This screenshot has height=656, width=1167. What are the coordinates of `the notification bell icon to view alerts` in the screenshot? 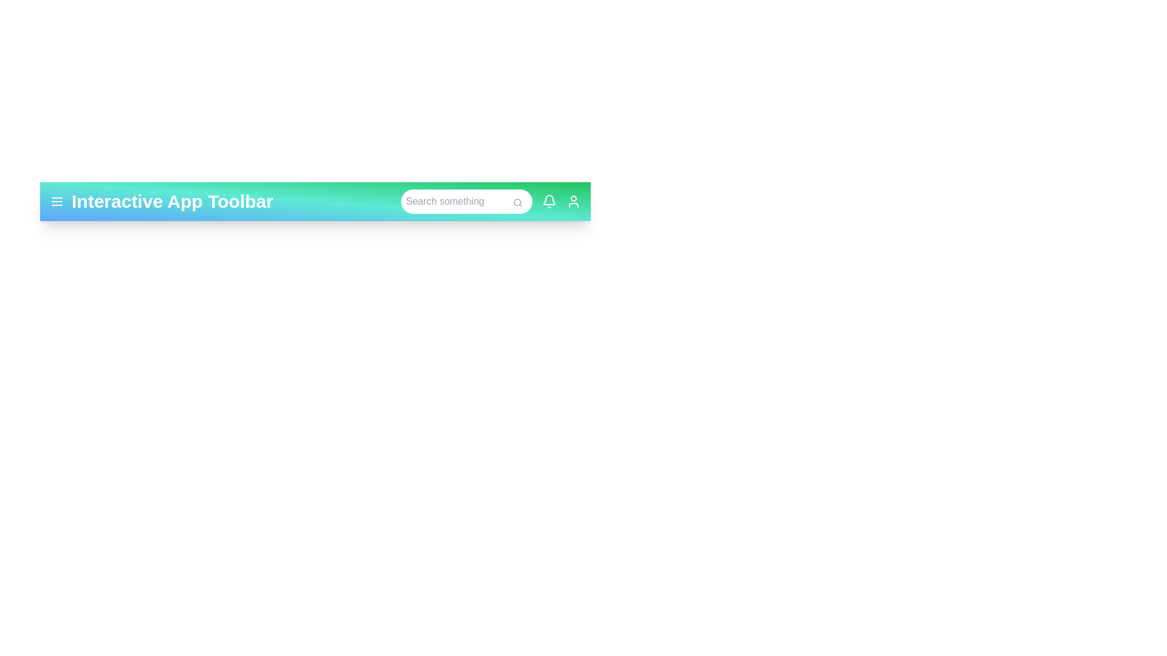 It's located at (548, 200).